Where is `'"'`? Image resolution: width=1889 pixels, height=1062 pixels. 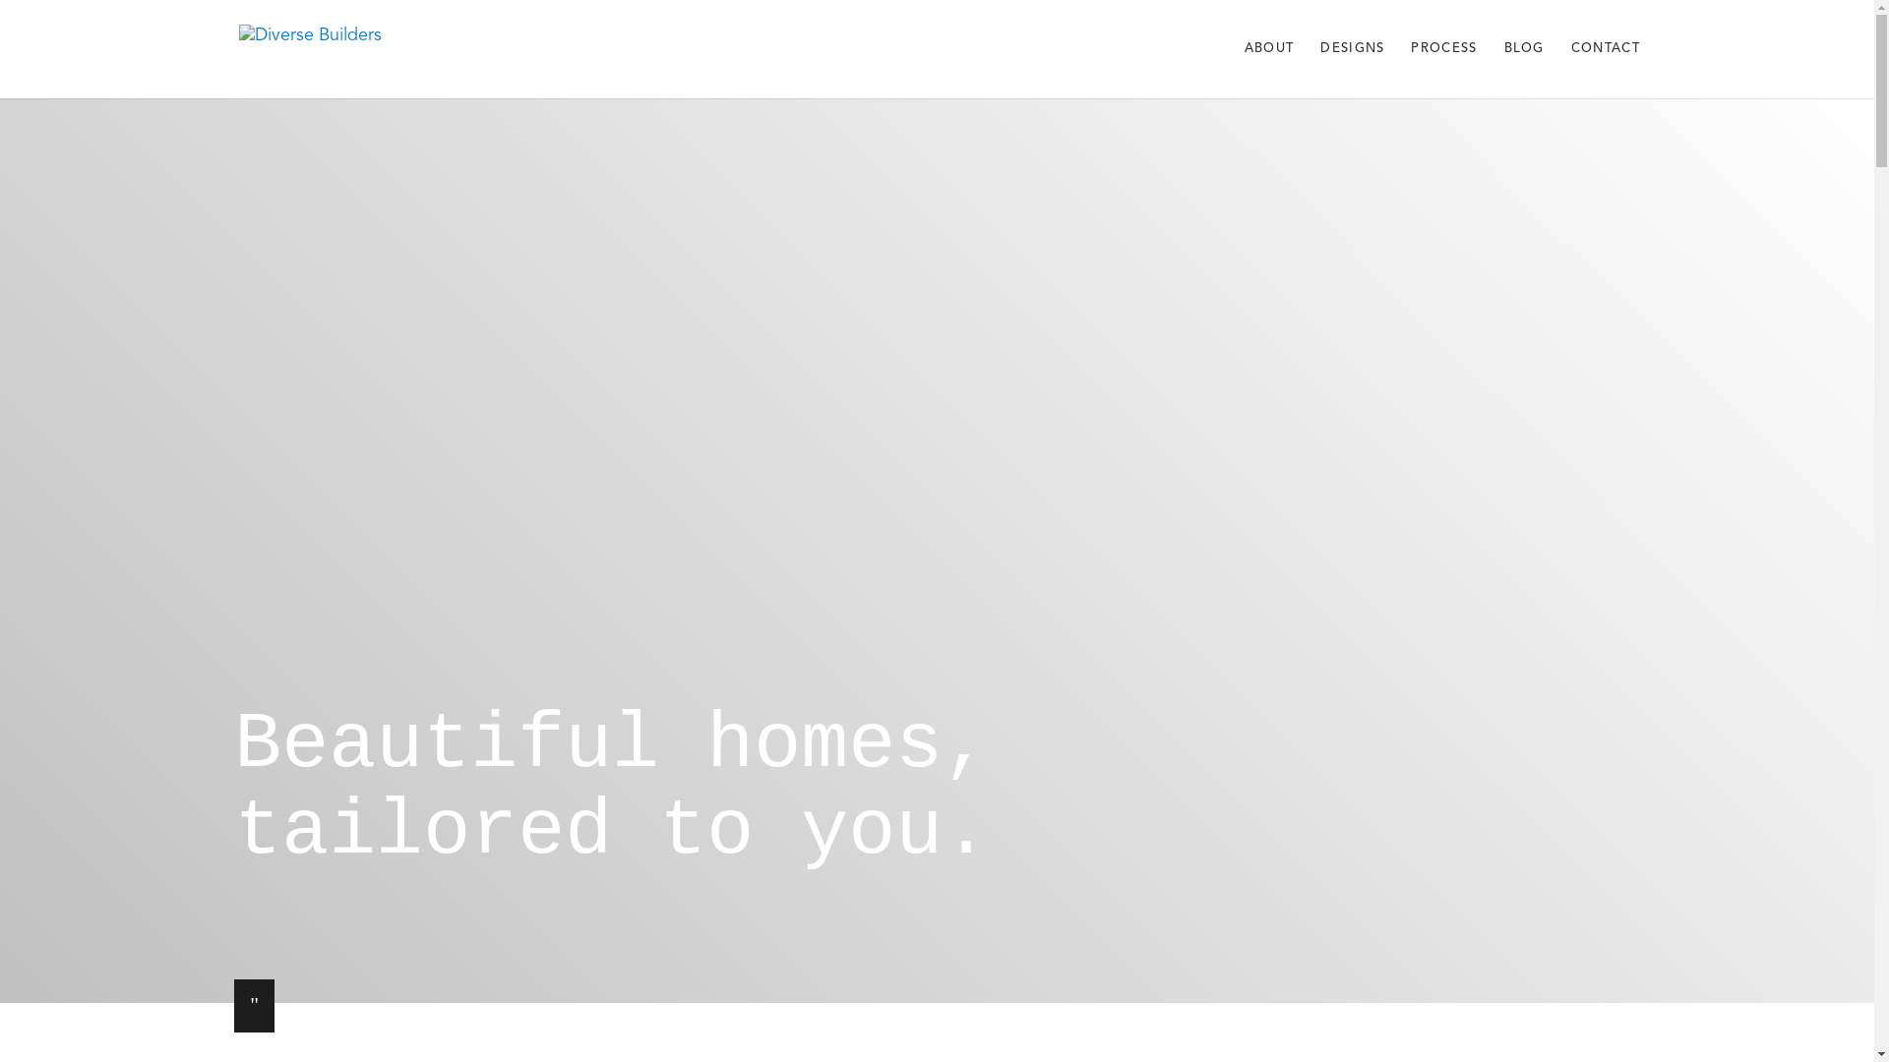 '"' is located at coordinates (234, 1005).